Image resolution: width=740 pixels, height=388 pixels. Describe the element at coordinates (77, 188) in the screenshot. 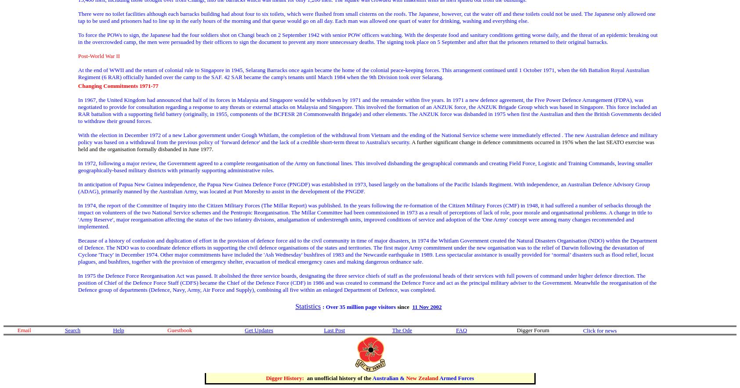

I see `'In anticipation of Papua New Guinea independence, the Papua New Guinea
      Defence Force (PNGDF) was established in 1973, based largely on the
      battalions of the Pacific Islands Regiment. With independence, an
      Australian Defence Advisory Group (ADAG), primarily manned by the
      Australian Army, was located at Port Moresby to assist in the development
      of the PNGDF.'` at that location.